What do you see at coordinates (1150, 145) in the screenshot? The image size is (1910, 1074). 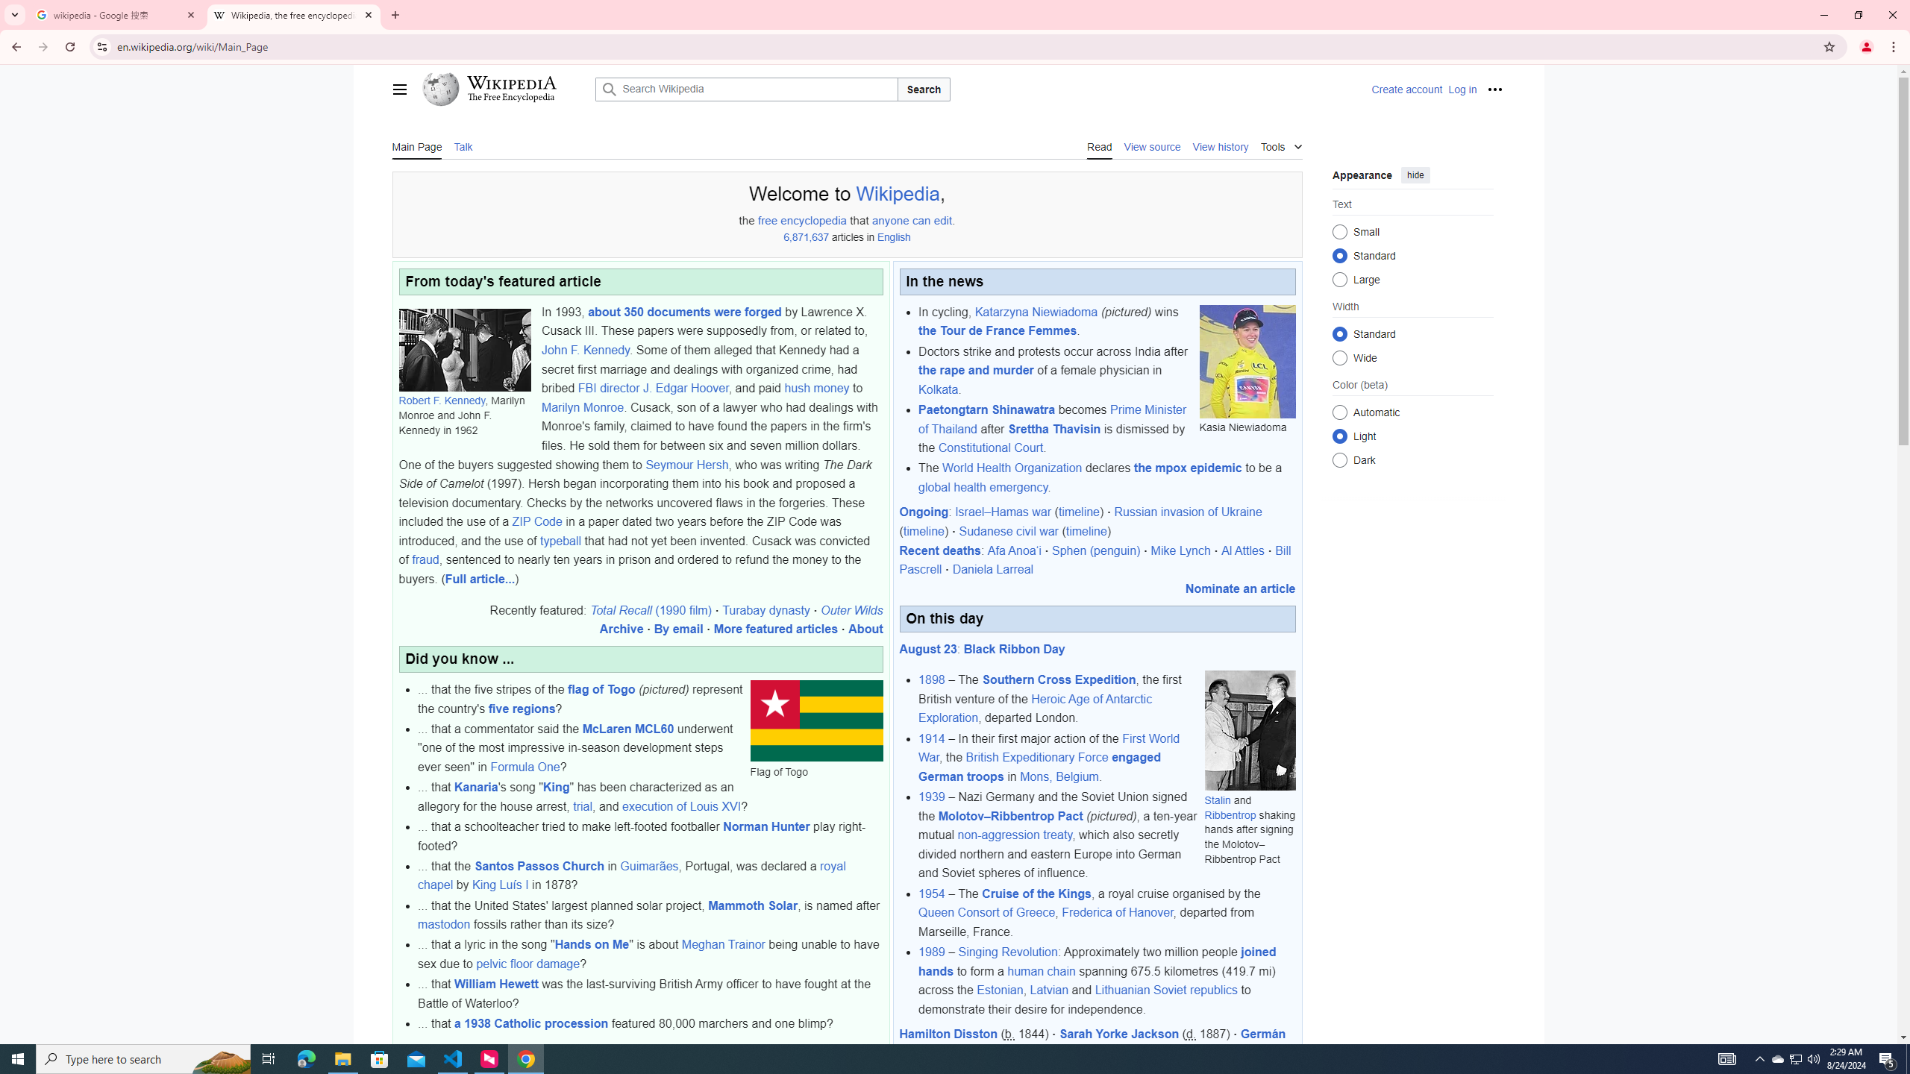 I see `'View source'` at bounding box center [1150, 145].